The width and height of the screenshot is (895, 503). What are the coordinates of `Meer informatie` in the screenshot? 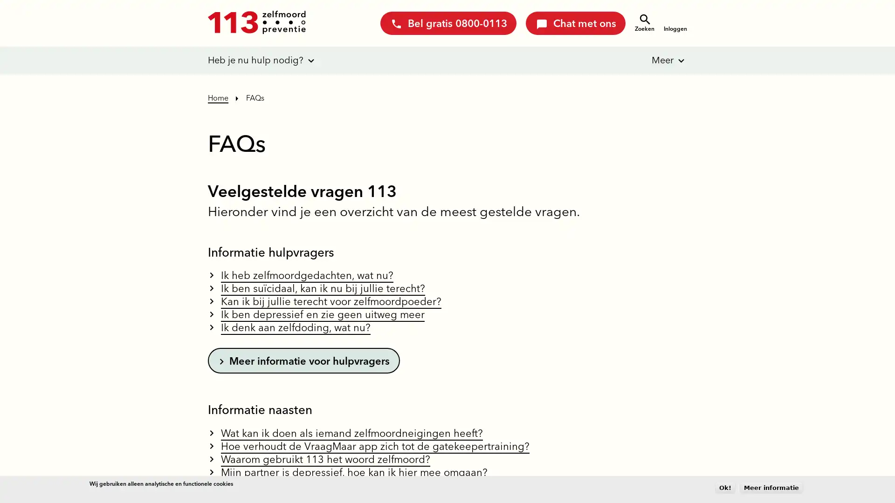 It's located at (771, 487).